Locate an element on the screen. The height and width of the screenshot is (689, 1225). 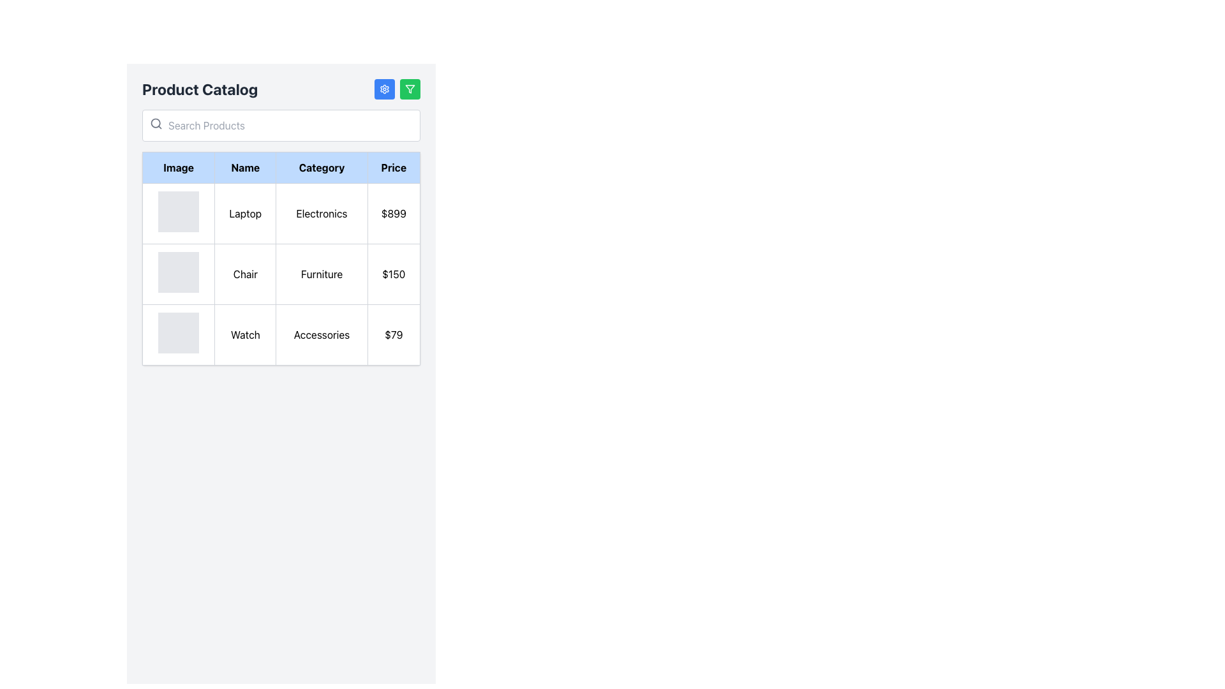
the 'Price' header cell in the data table, which is located in the last column to the right of the 'Category' header is located at coordinates (393, 167).